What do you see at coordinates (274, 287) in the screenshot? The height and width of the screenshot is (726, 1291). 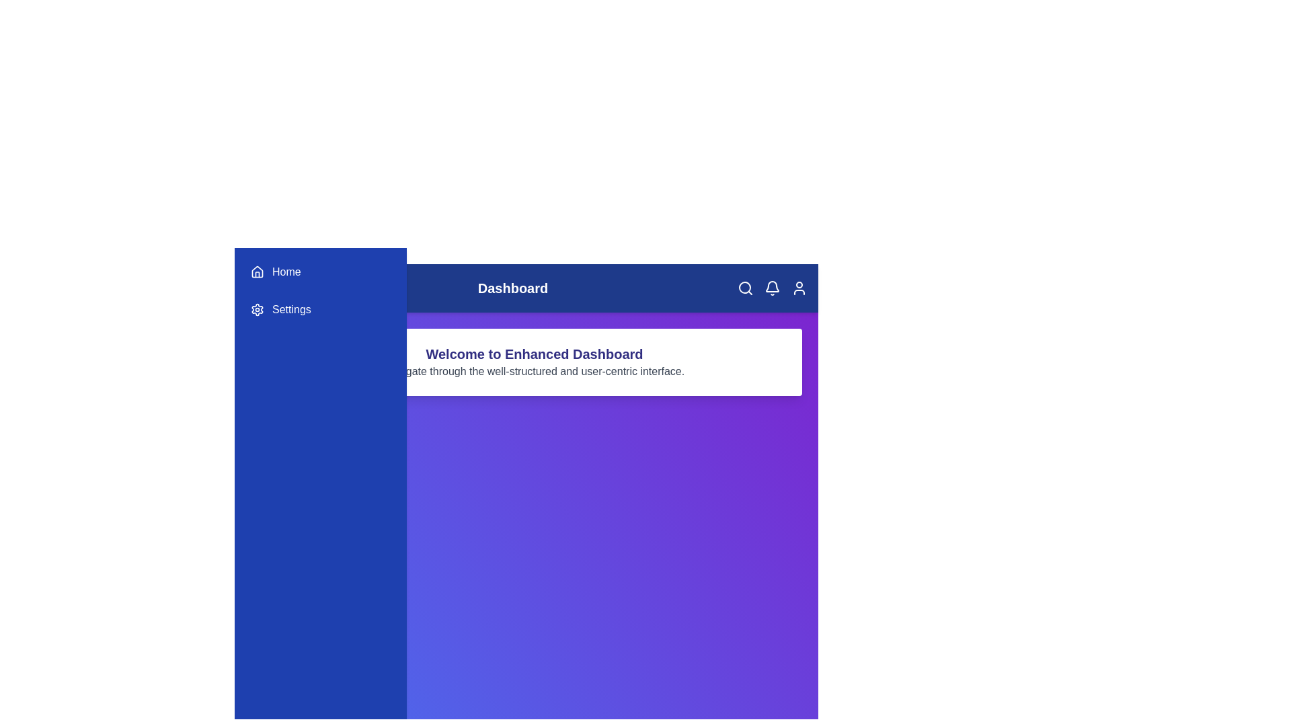 I see `menu button to toggle the menu visibility` at bounding box center [274, 287].